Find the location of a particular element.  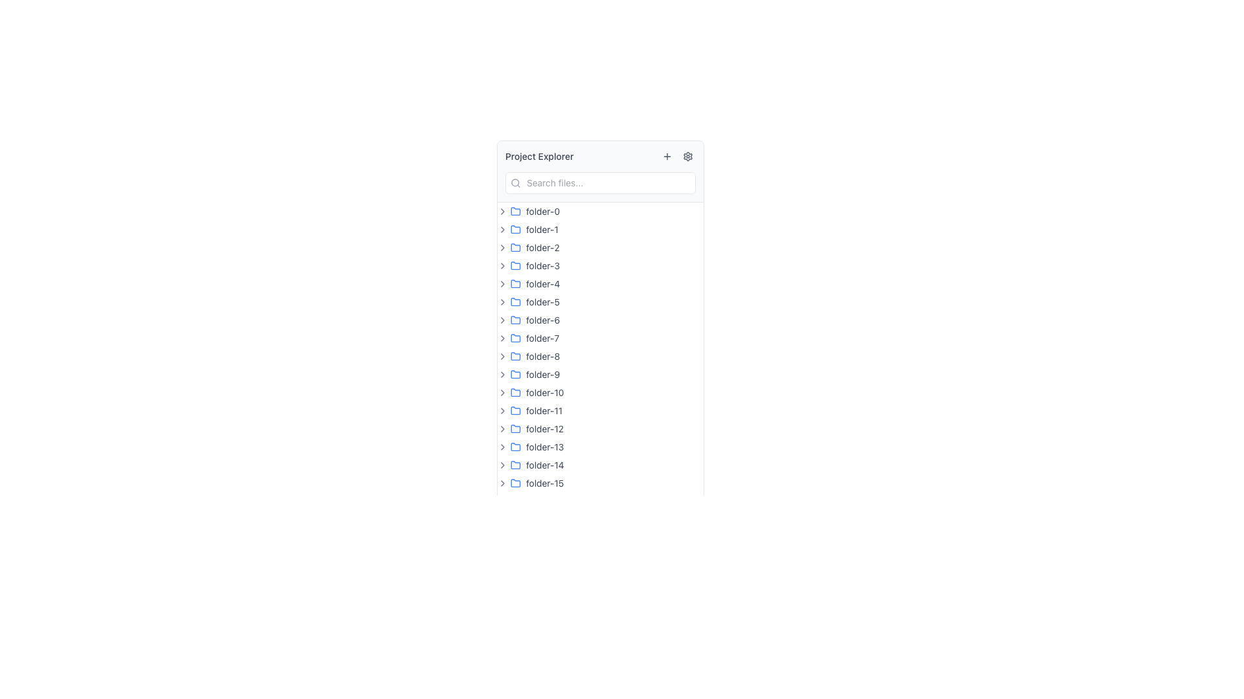

the small blue folder icon displayed before the text 'folder-15', which is part of the last listed folder entry in a vertically stacked list of folders is located at coordinates (515, 483).